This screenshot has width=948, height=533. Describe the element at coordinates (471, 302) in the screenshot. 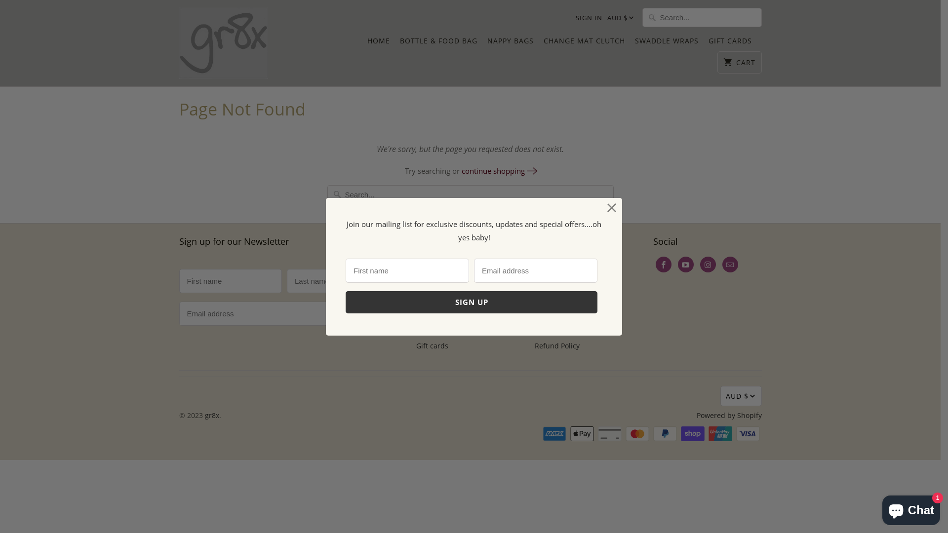

I see `'Sign Up'` at that location.